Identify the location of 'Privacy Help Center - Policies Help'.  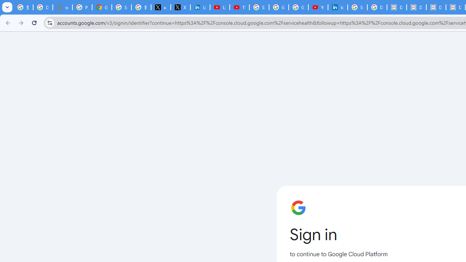
(82, 7).